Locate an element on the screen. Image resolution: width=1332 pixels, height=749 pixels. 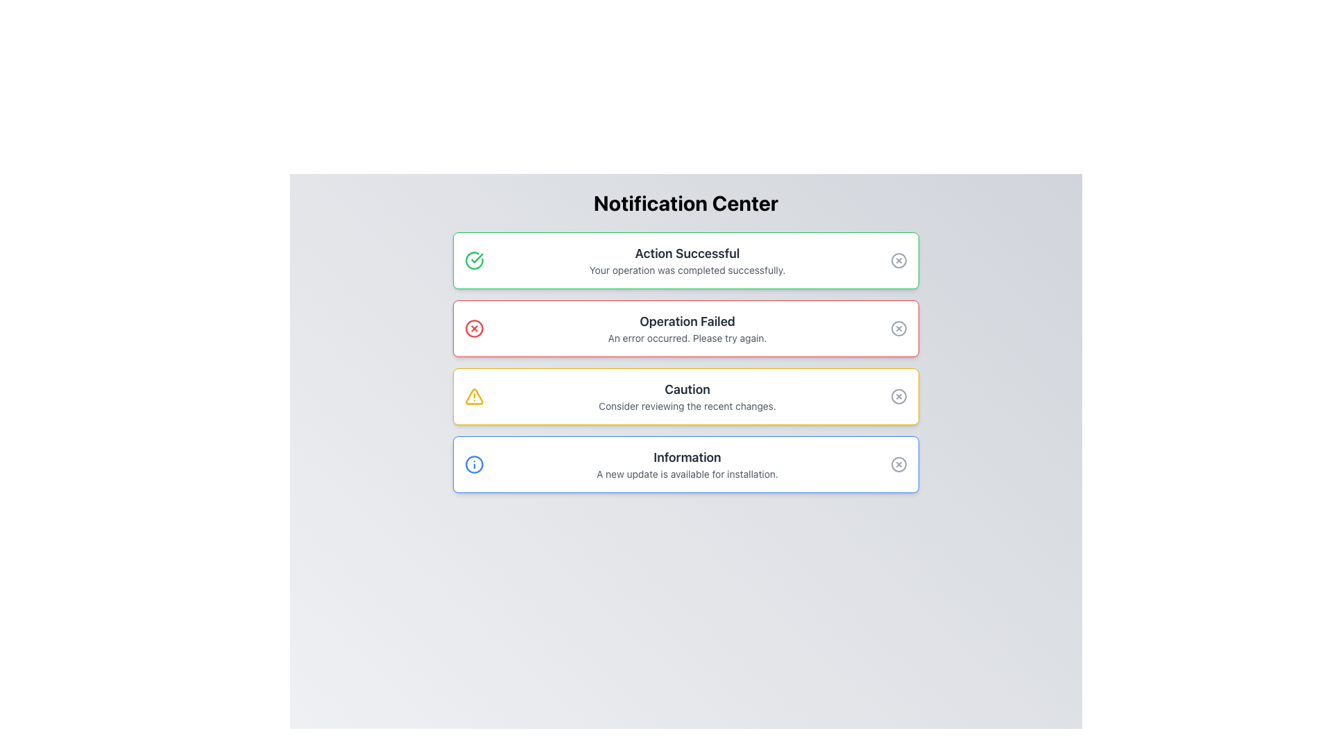
descriptive message of the text label located below the 'Operation Failed' title in the red-bordered notification box is located at coordinates (687, 338).